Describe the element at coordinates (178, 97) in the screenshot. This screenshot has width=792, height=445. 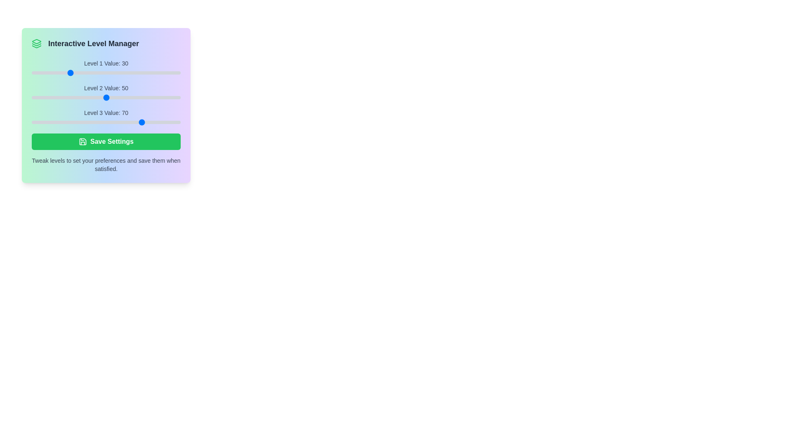
I see `the slider value` at that location.